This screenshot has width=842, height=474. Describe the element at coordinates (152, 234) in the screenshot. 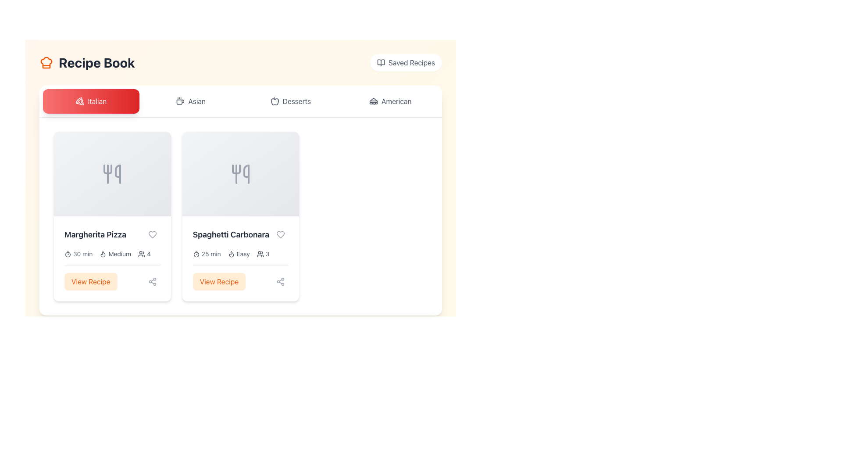

I see `the heart-shaped like icon located in the top-right corner of the 'Margherita Pizza' card` at that location.